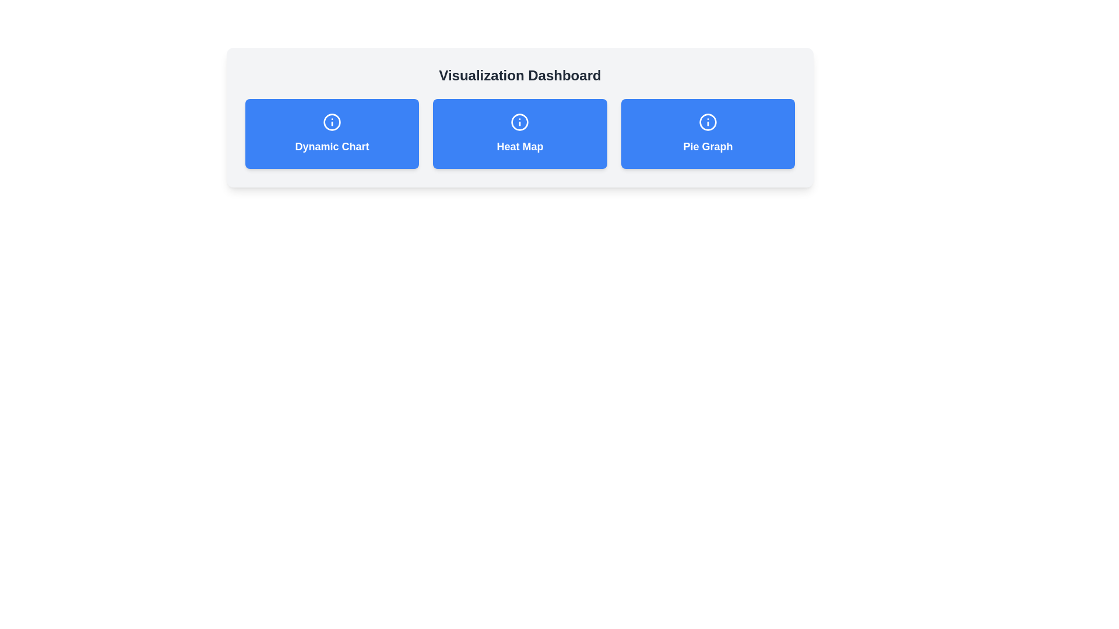 This screenshot has width=1119, height=629. Describe the element at coordinates (707, 122) in the screenshot. I see `the circular icon located centrally within the rightmost 'Pie Graph' button in the 'Visualization Dashboard'` at that location.